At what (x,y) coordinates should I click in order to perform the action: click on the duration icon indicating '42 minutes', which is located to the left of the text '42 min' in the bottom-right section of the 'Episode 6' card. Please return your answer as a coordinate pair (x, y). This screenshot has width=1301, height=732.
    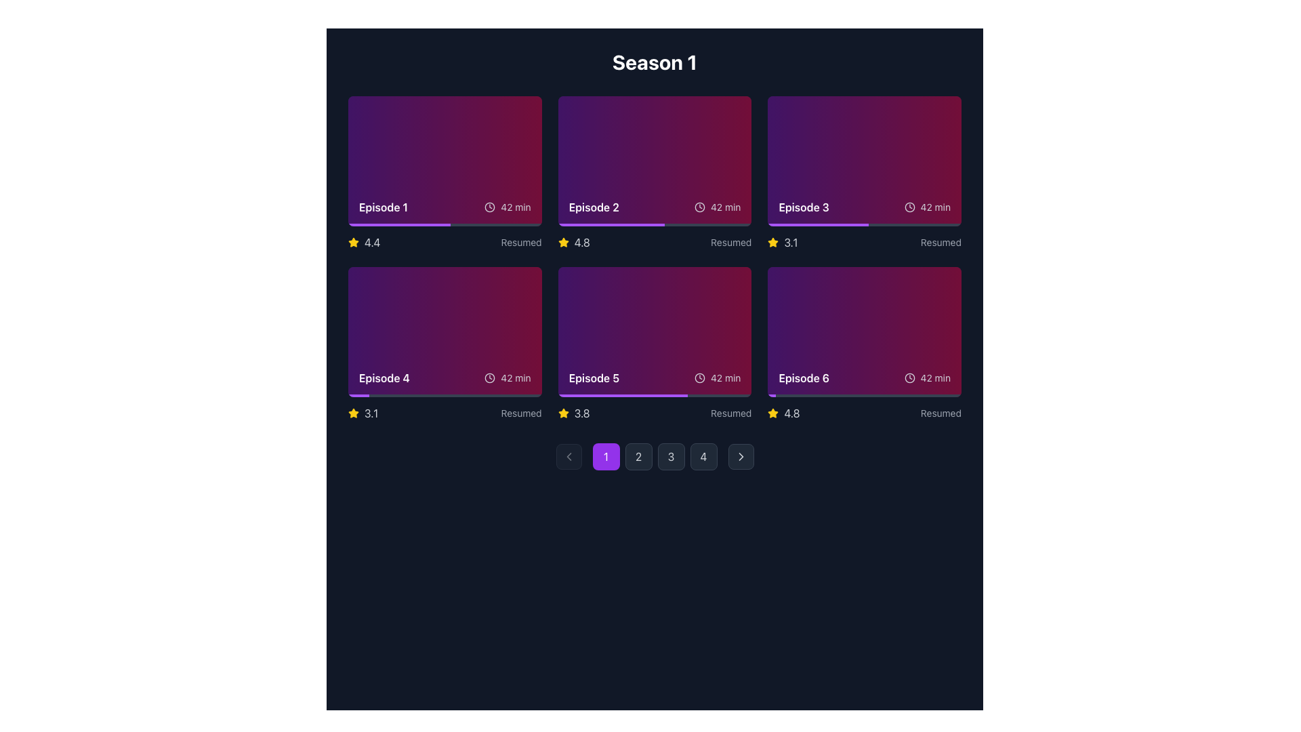
    Looking at the image, I should click on (909, 378).